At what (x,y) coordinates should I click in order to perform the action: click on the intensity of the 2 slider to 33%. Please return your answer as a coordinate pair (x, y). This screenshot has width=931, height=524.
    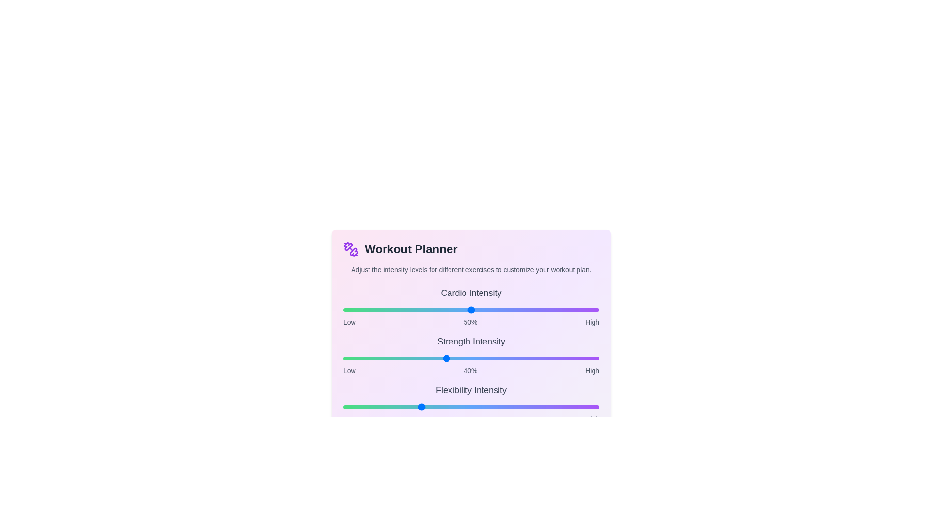
    Looking at the image, I should click on (427, 407).